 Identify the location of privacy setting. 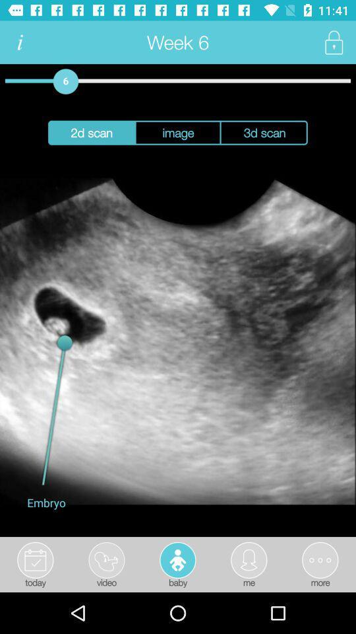
(333, 42).